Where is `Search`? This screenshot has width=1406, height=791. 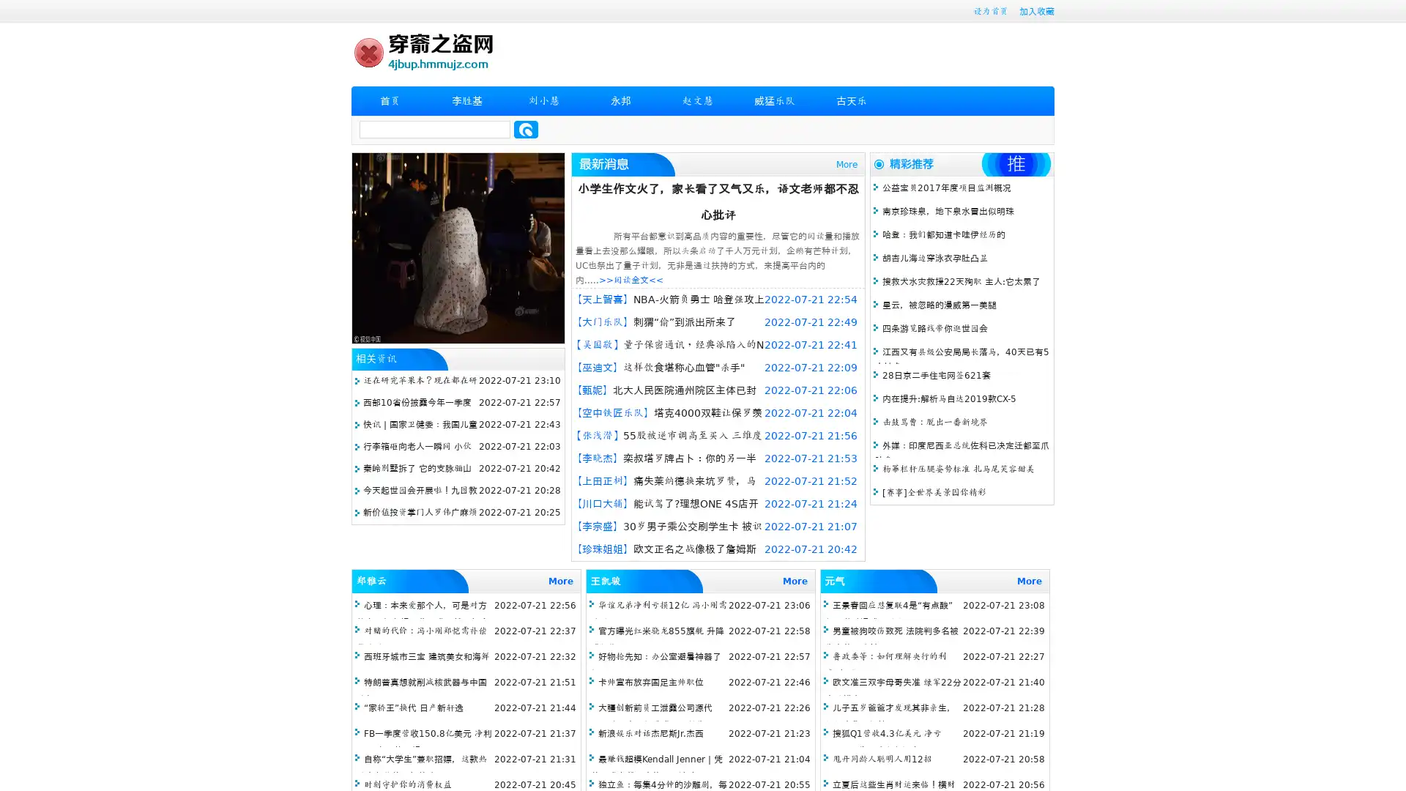 Search is located at coordinates (526, 129).